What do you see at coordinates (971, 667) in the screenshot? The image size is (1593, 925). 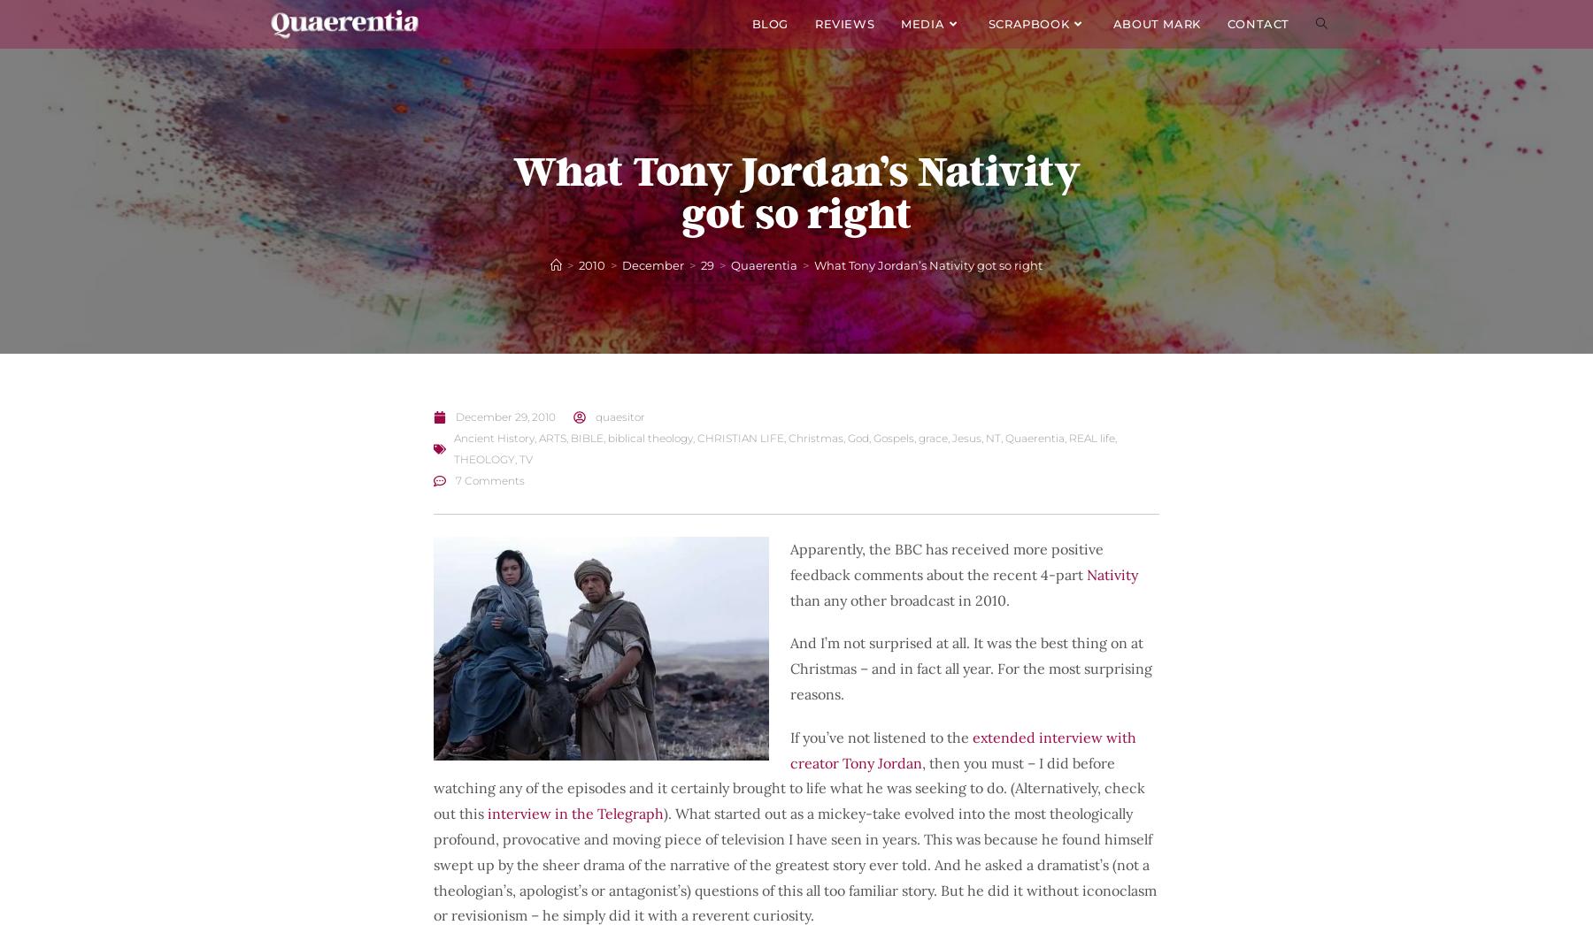 I see `'And I’m not surprised at all. It was the best thing on at Christmas – and in fact all year. For the most surprising reasons.'` at bounding box center [971, 667].